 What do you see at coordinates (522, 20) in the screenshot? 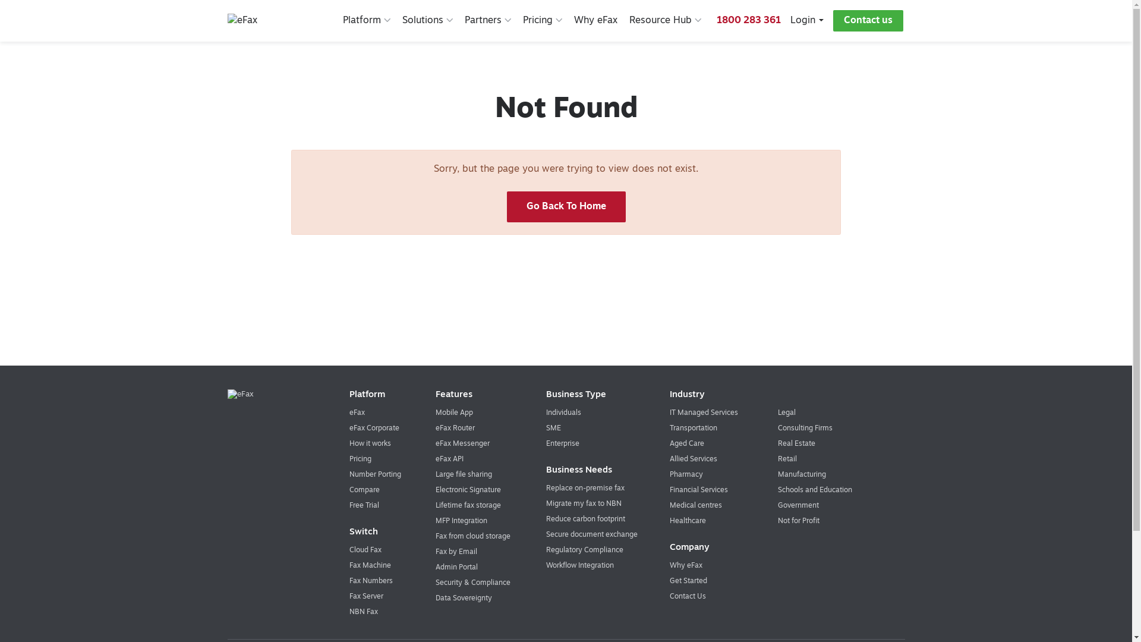
I see `'Pricing'` at bounding box center [522, 20].